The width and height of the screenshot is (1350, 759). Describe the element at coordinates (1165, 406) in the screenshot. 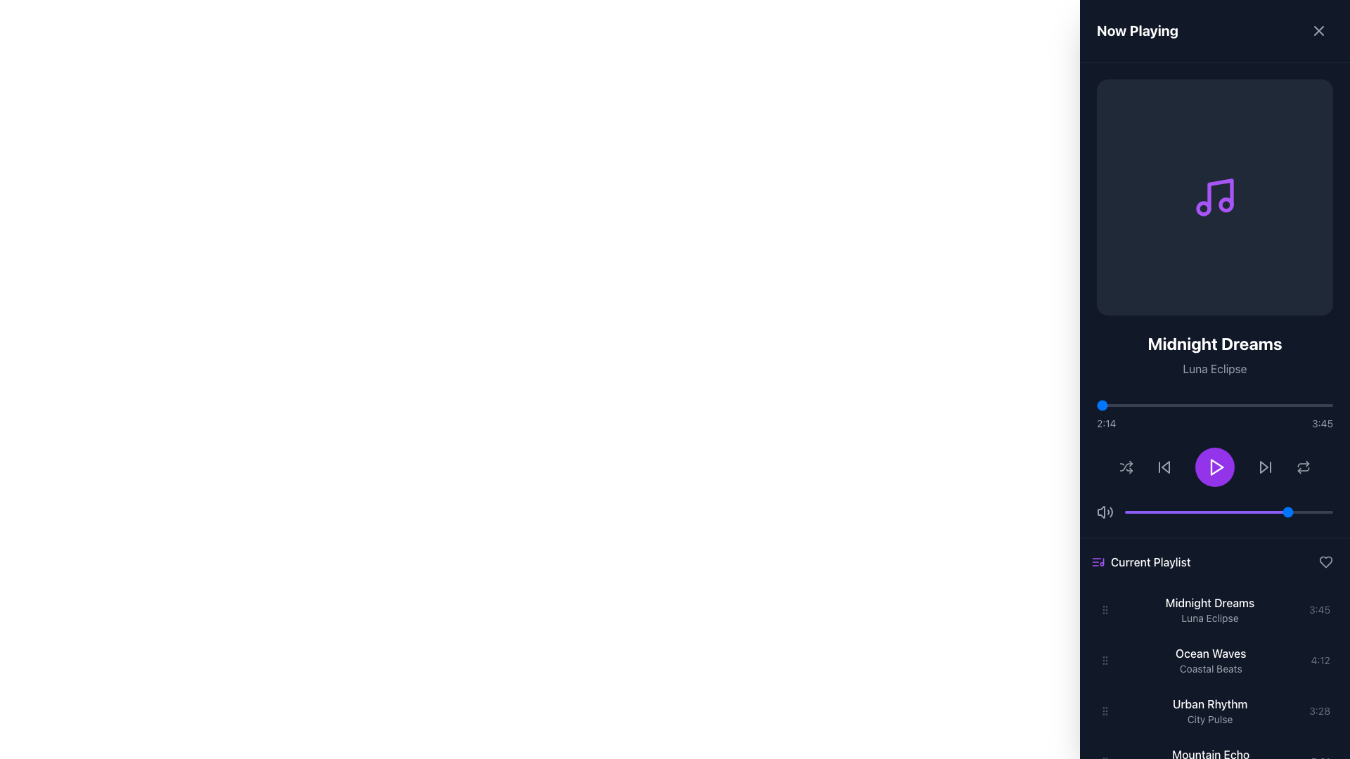

I see `the song progress` at that location.